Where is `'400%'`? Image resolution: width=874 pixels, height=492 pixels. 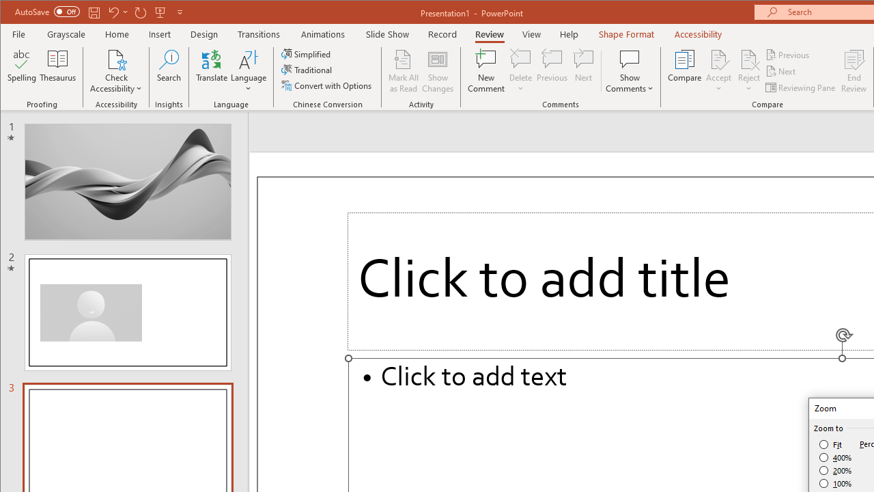 '400%' is located at coordinates (835, 457).